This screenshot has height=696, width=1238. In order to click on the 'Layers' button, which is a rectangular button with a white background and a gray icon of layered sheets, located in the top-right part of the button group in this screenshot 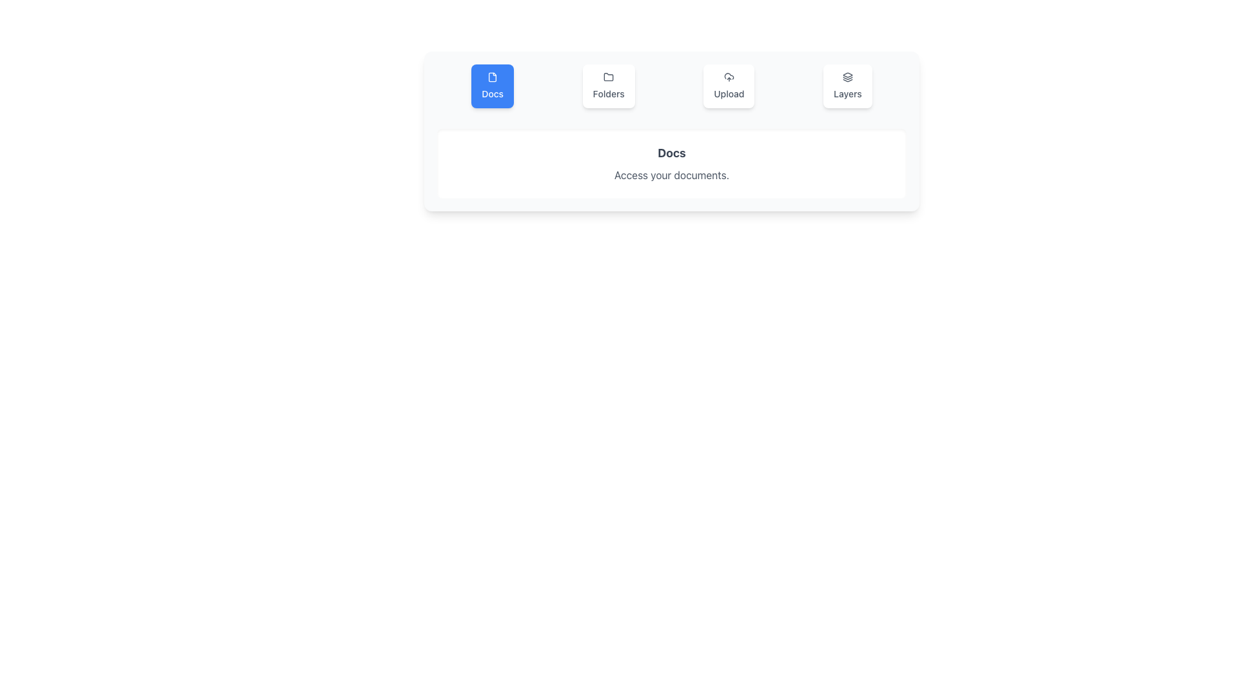, I will do `click(847, 86)`.